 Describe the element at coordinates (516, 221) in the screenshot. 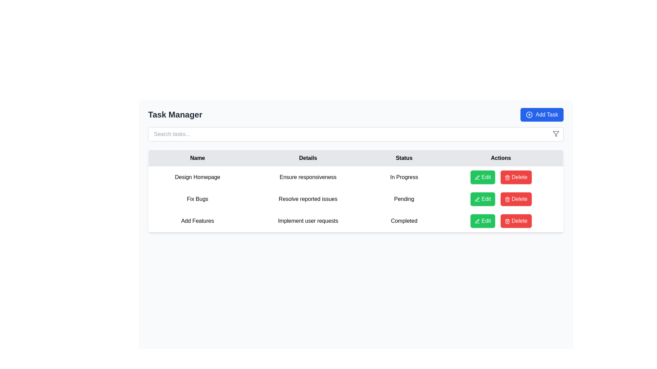

I see `the red 'Delete' button containing a white text and a trashcan icon, located in the rightmost column of the last row of the table under the 'Actions' column` at that location.